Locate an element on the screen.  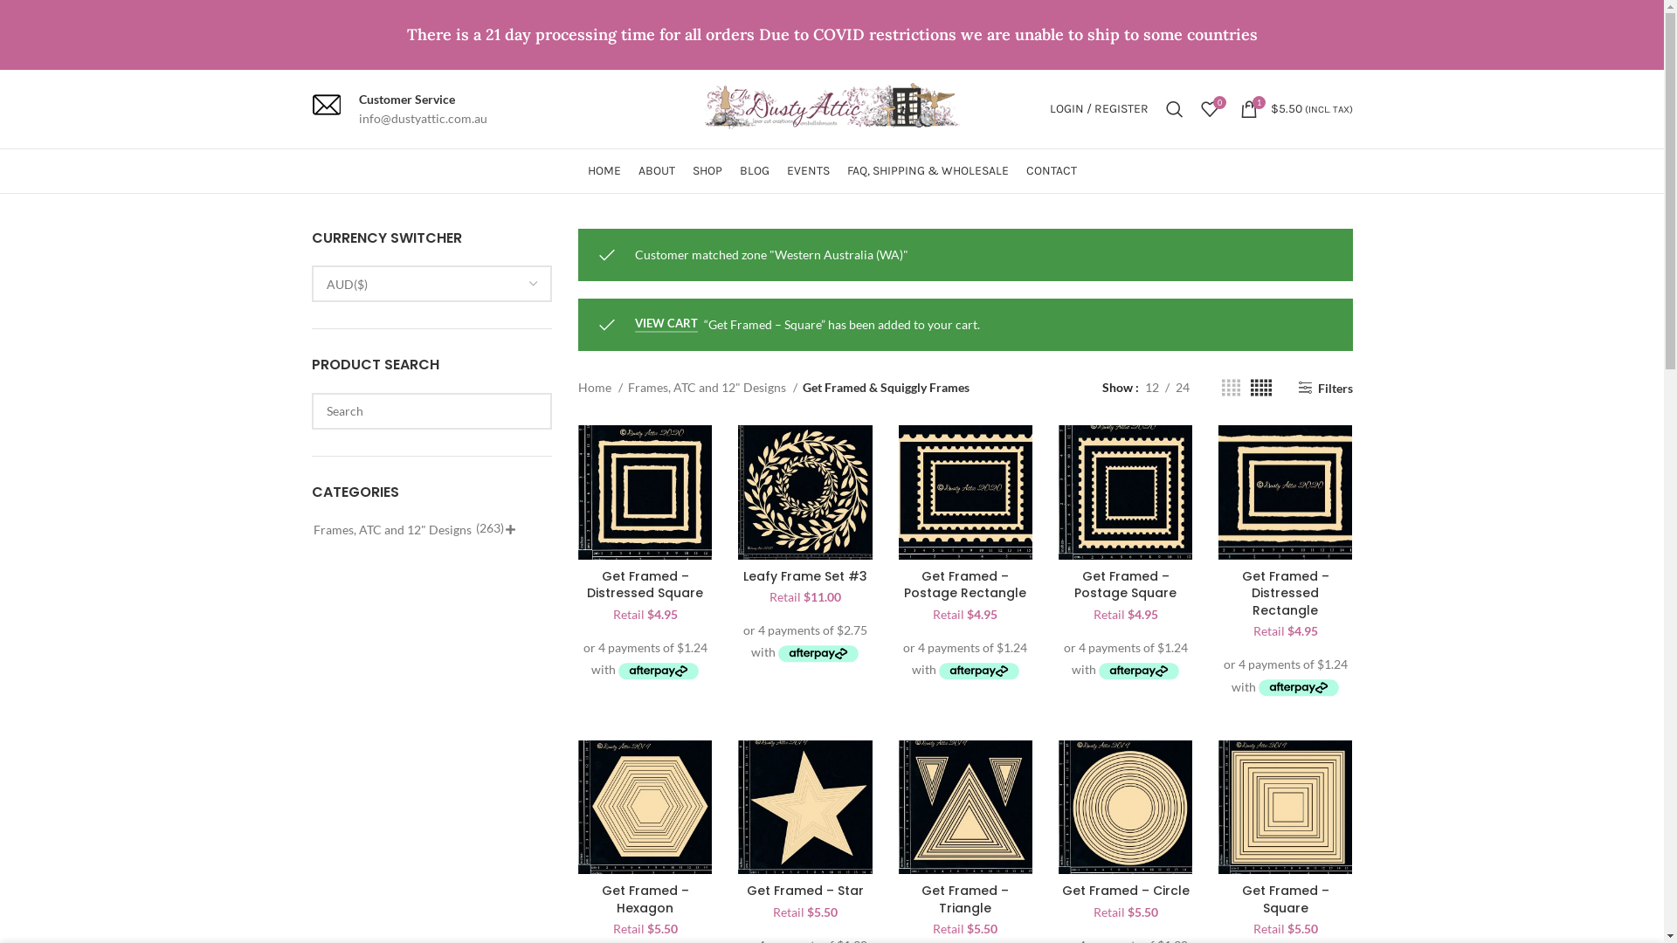
'CONTACT' is located at coordinates (1050, 171).